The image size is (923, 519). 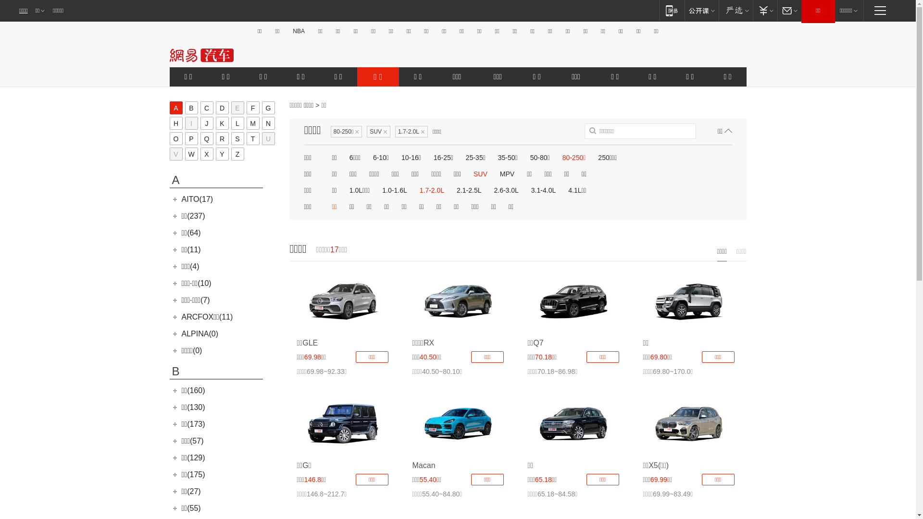 I want to click on 'V', so click(x=175, y=153).